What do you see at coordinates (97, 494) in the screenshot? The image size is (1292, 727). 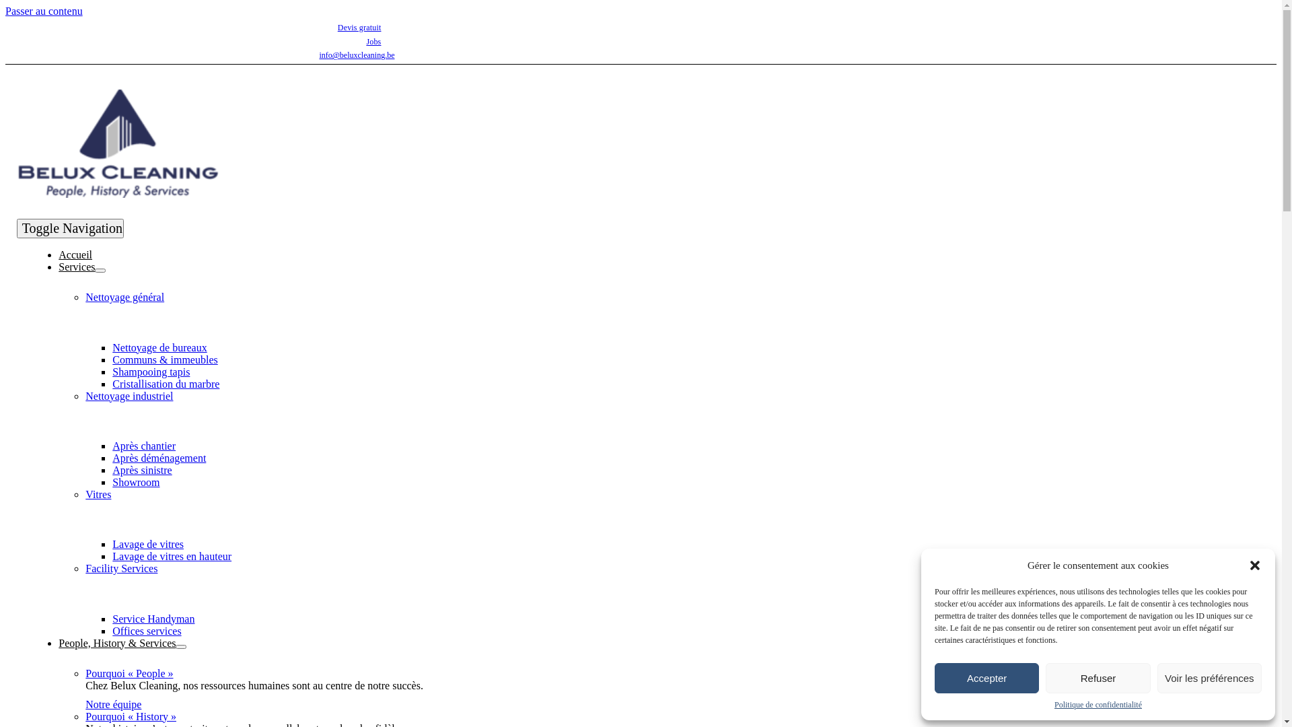 I see `'Vitres'` at bounding box center [97, 494].